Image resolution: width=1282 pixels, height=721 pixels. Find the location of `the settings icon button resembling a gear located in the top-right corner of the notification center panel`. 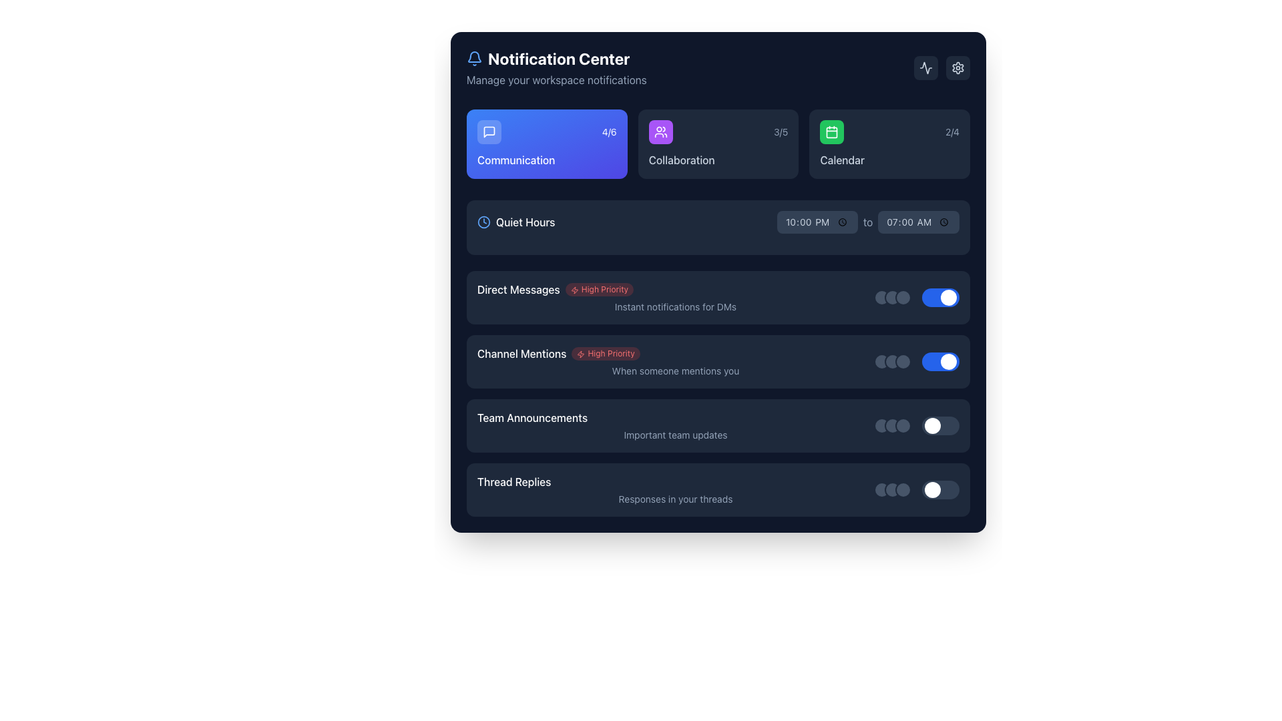

the settings icon button resembling a gear located in the top-right corner of the notification center panel is located at coordinates (957, 67).